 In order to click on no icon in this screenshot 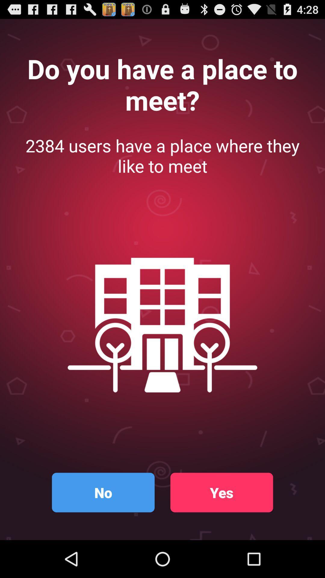, I will do `click(103, 493)`.